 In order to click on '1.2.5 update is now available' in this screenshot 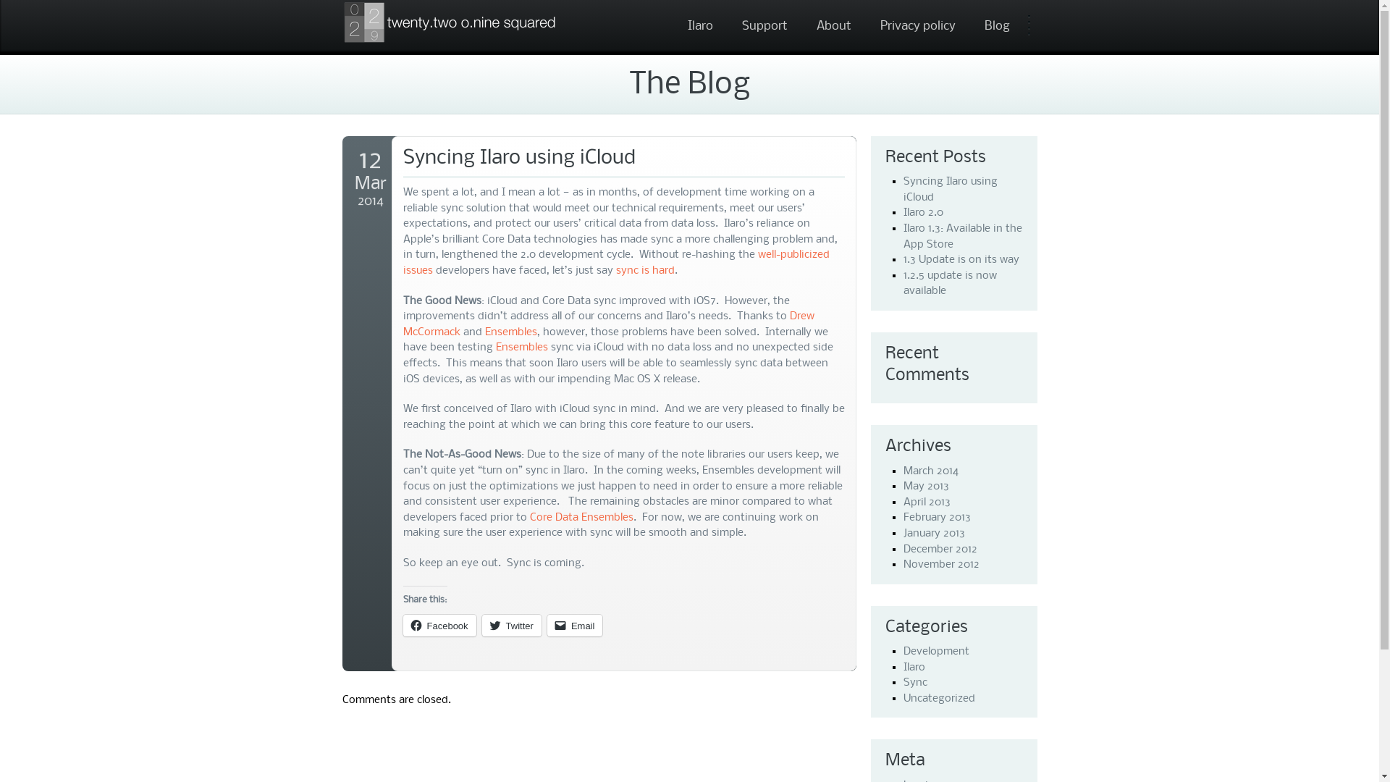, I will do `click(950, 284)`.